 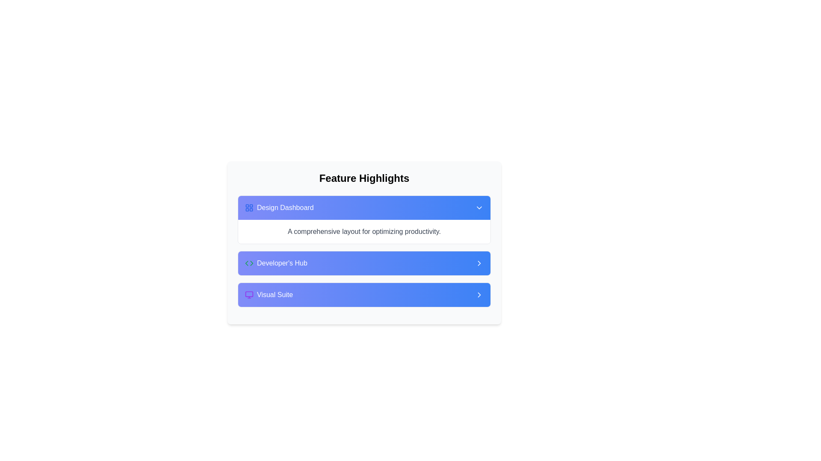 I want to click on the graphic element with a purple outline located inside the monitor icon next to 'Visual Suite' in the feature list, so click(x=248, y=294).